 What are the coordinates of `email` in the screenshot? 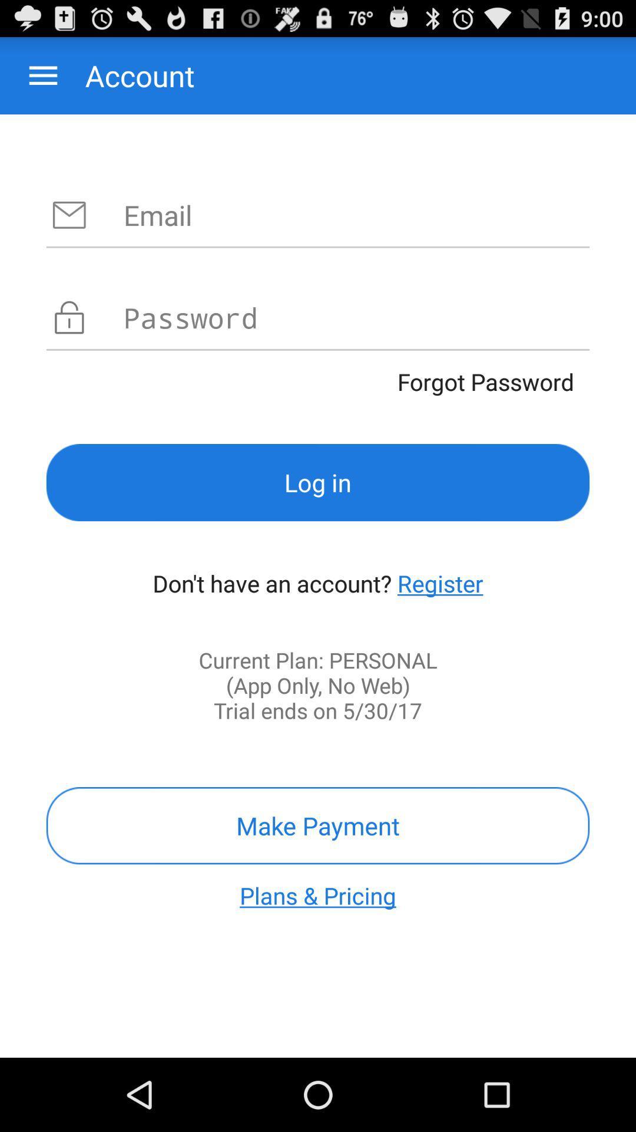 It's located at (356, 215).